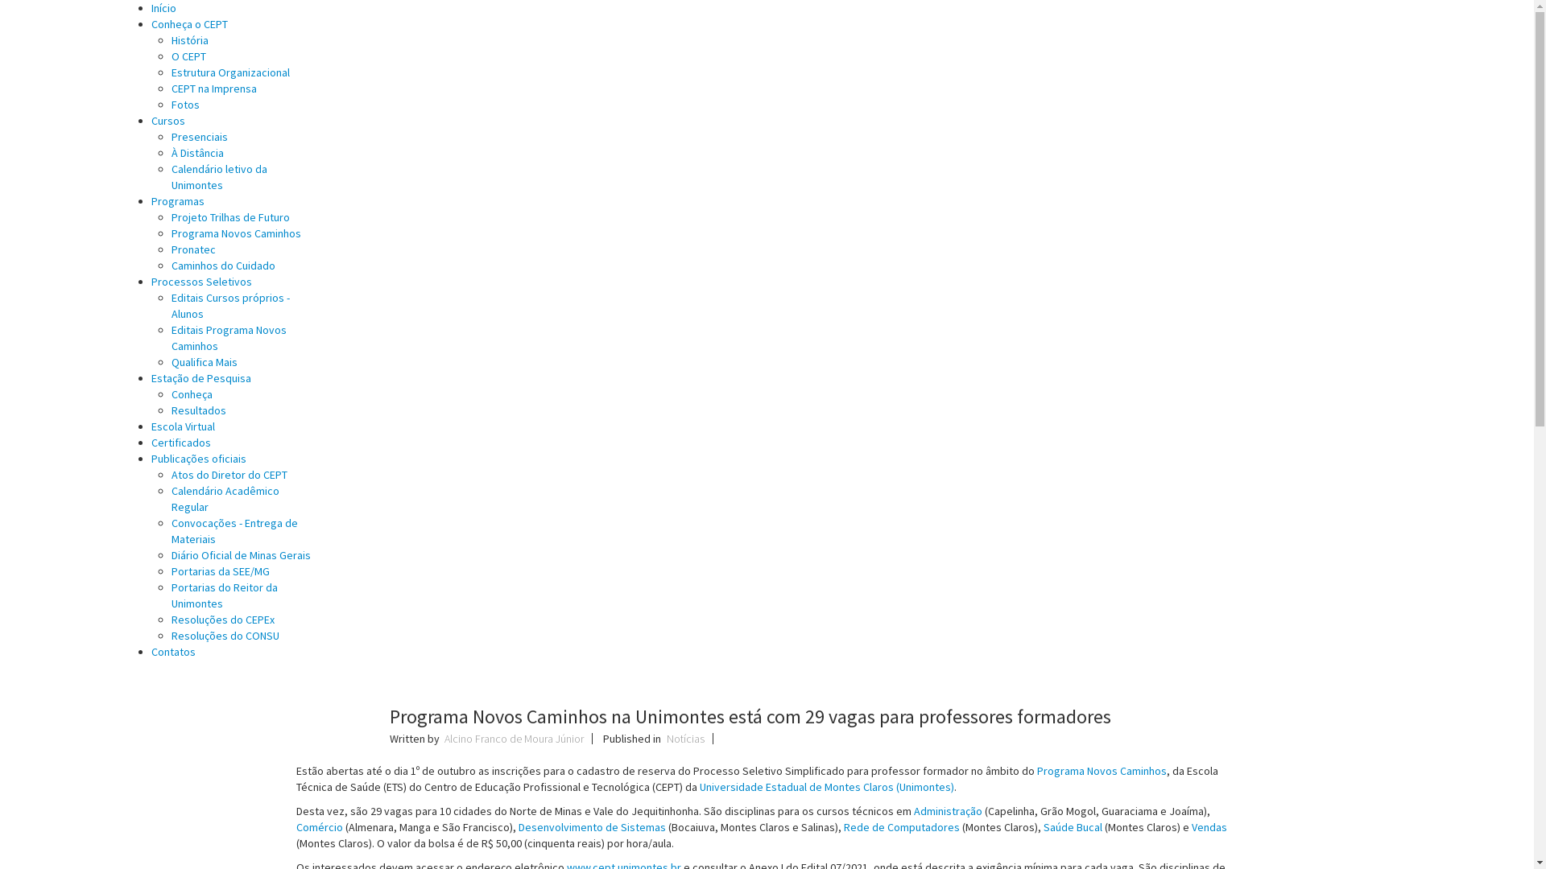 This screenshot has height=869, width=1546. Describe the element at coordinates (213, 89) in the screenshot. I see `'CEPT na Imprensa'` at that location.